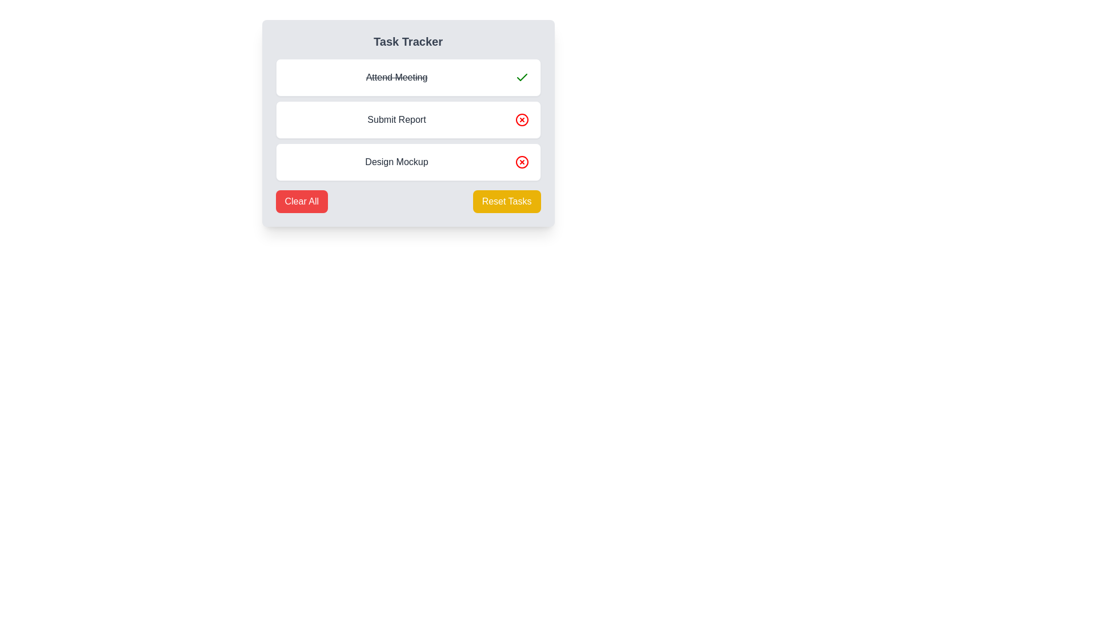 The width and height of the screenshot is (1097, 617). What do you see at coordinates (521, 77) in the screenshot?
I see `the checkmark icon located at the top-right corner of the 'Attend Meeting' task field in the Task Tracker module to indicate task completion` at bounding box center [521, 77].